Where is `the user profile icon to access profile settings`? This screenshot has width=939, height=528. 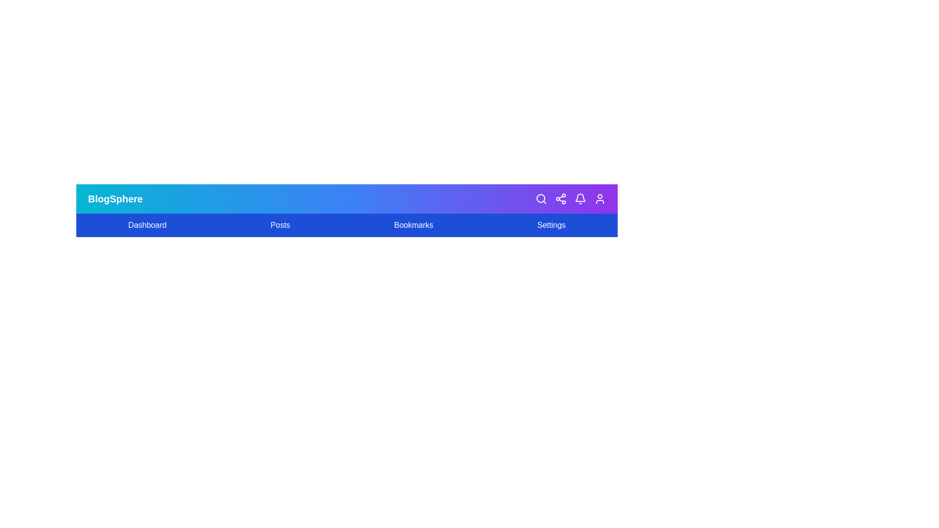 the user profile icon to access profile settings is located at coordinates (600, 198).